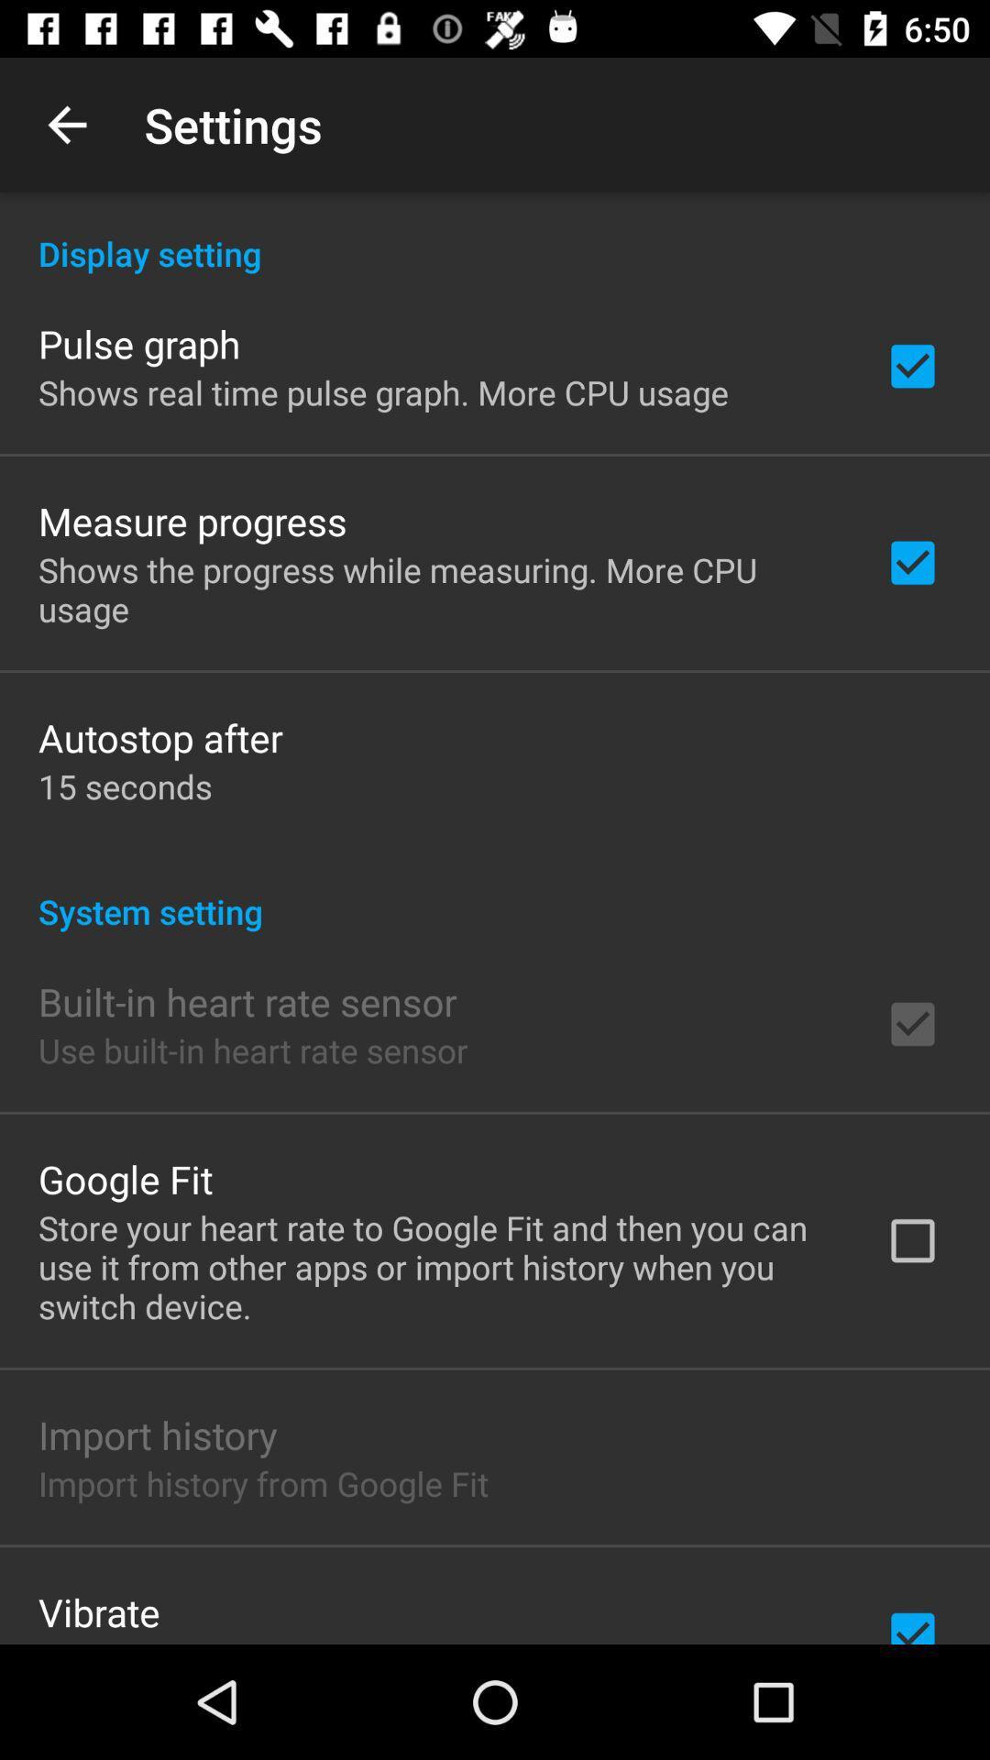 The width and height of the screenshot is (990, 1760). What do you see at coordinates (495, 233) in the screenshot?
I see `the display setting item` at bounding box center [495, 233].